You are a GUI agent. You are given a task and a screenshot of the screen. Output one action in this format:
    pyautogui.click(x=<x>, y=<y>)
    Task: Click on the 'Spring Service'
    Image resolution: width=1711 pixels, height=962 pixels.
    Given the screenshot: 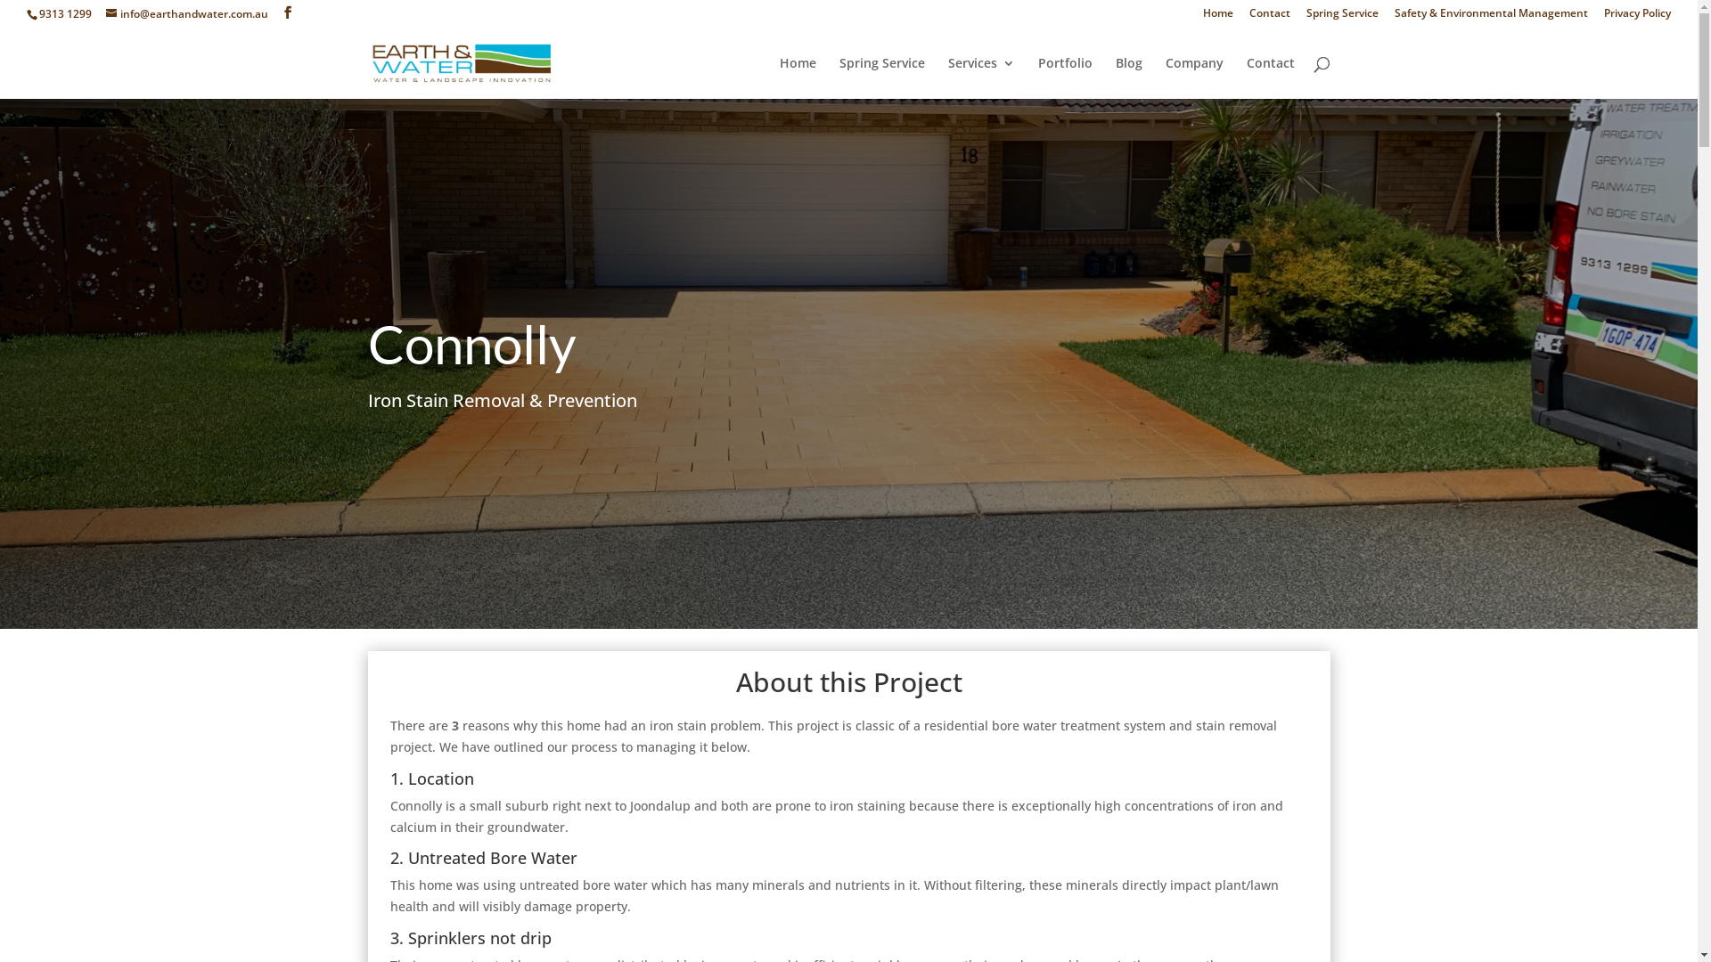 What is the action you would take?
    pyautogui.click(x=838, y=77)
    